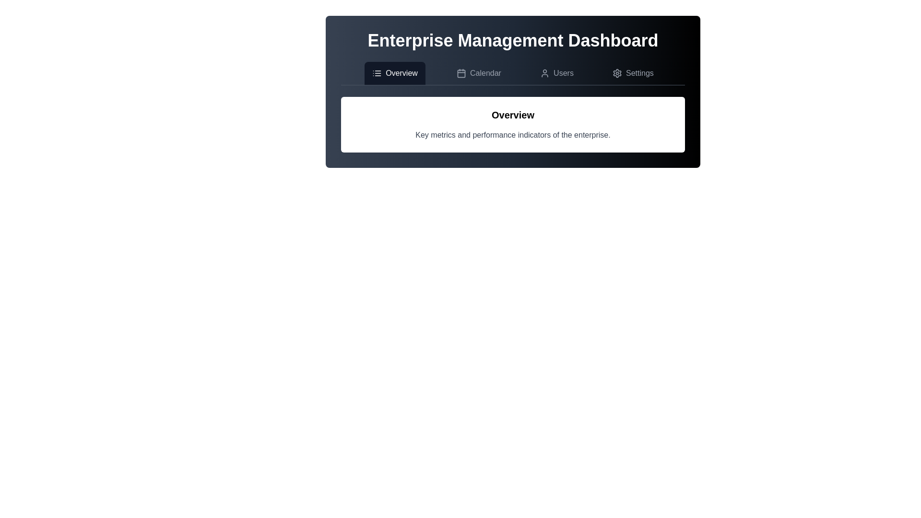  What do you see at coordinates (617, 73) in the screenshot?
I see `the cogwheel icon located in the top-right corner of the navigation bar` at bounding box center [617, 73].